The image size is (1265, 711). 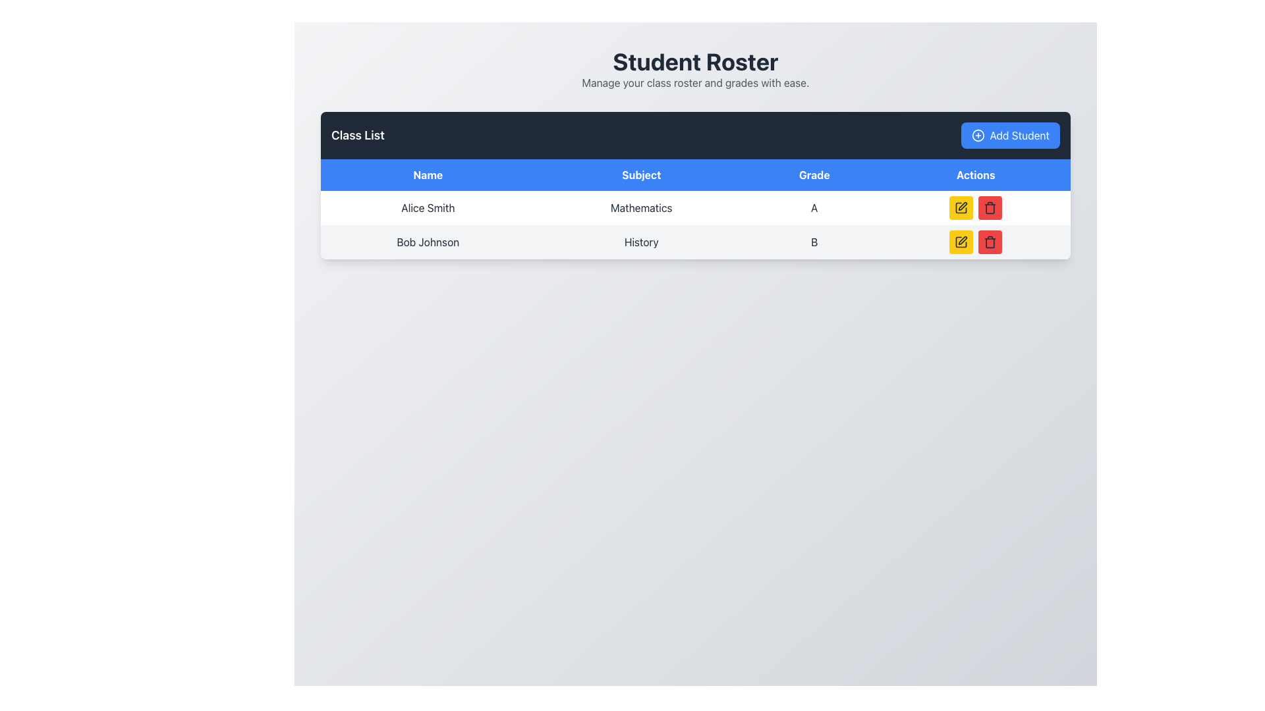 What do you see at coordinates (428, 207) in the screenshot?
I see `the text element displaying the name 'Alice Smith' in the 'Class List' table, located in the first data row of the 'Name' column` at bounding box center [428, 207].